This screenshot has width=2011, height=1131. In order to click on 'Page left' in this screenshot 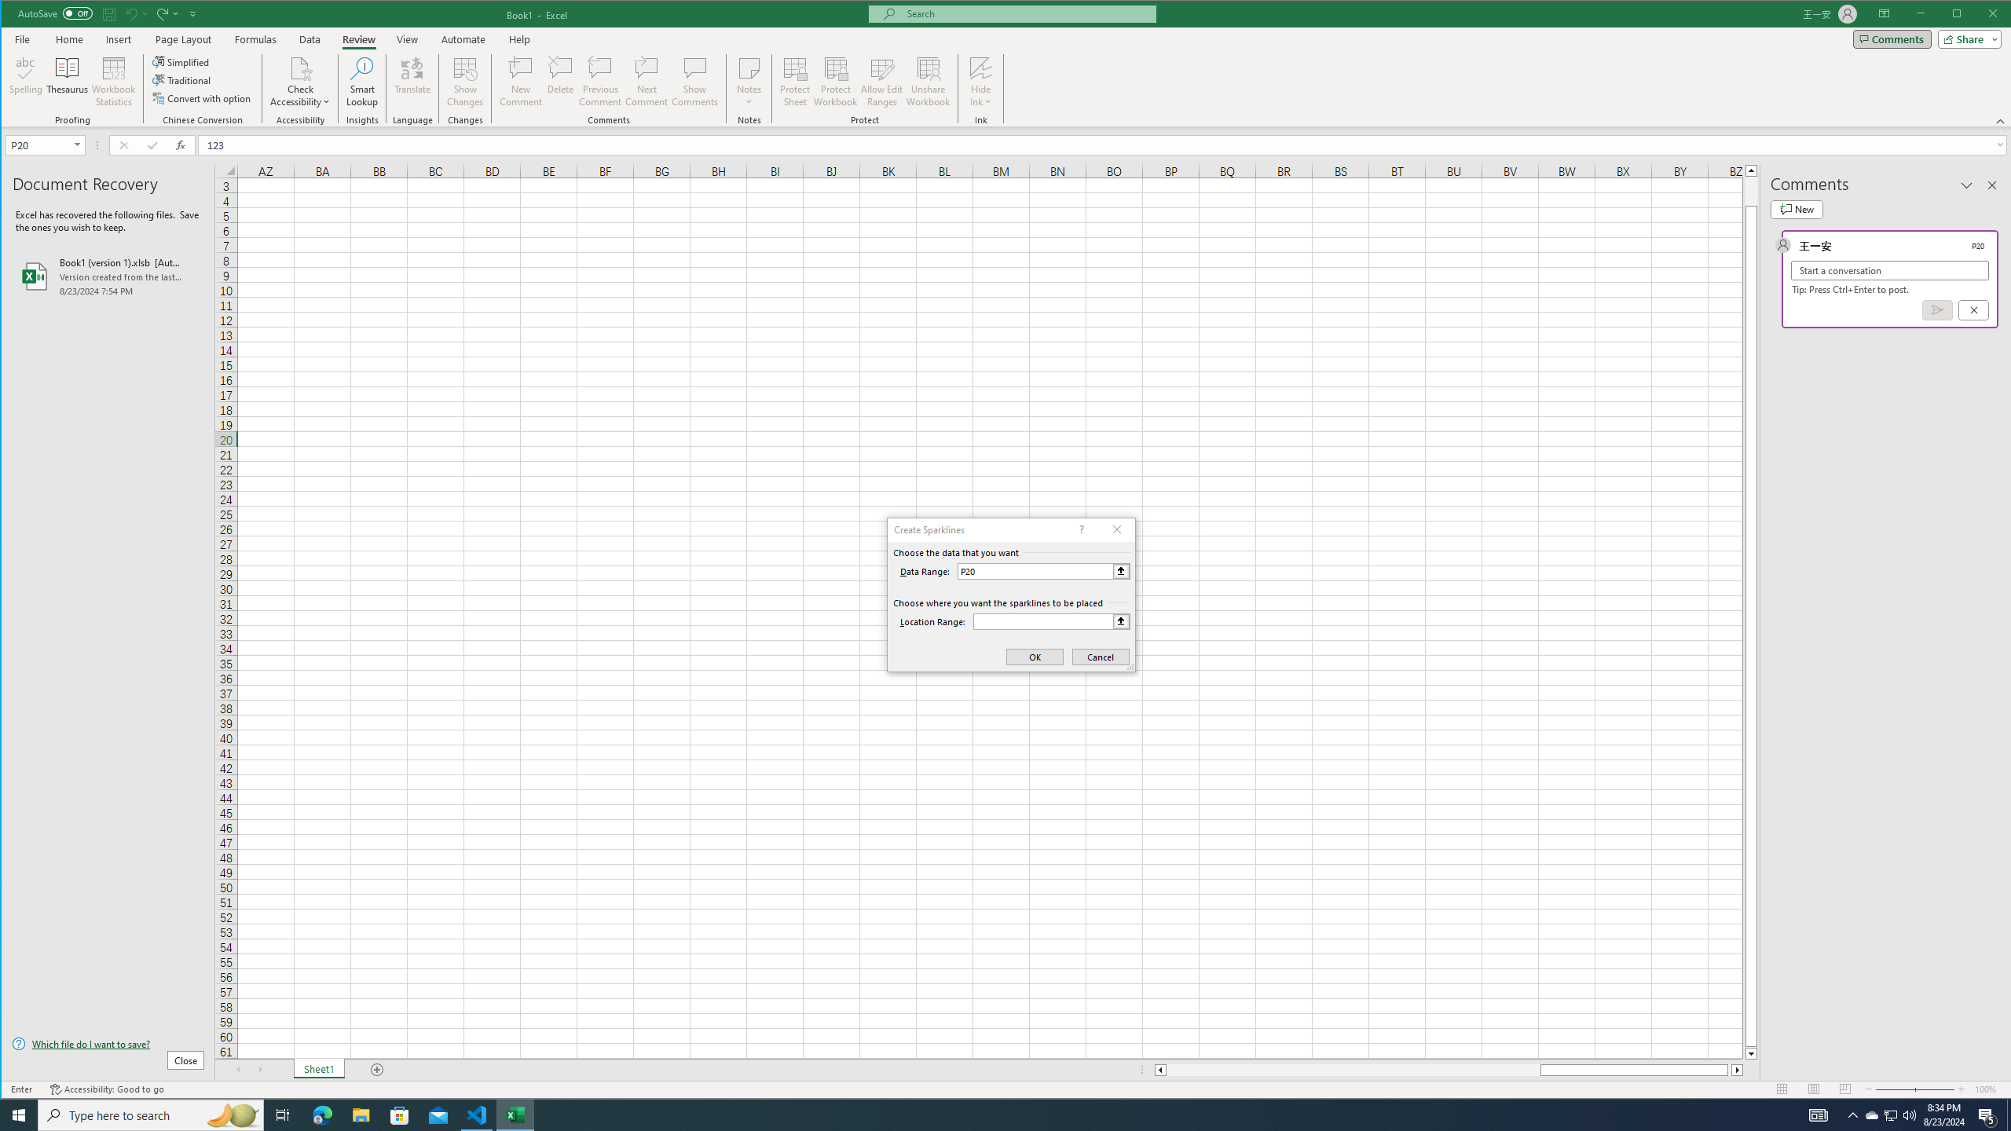, I will do `click(1352, 1070)`.